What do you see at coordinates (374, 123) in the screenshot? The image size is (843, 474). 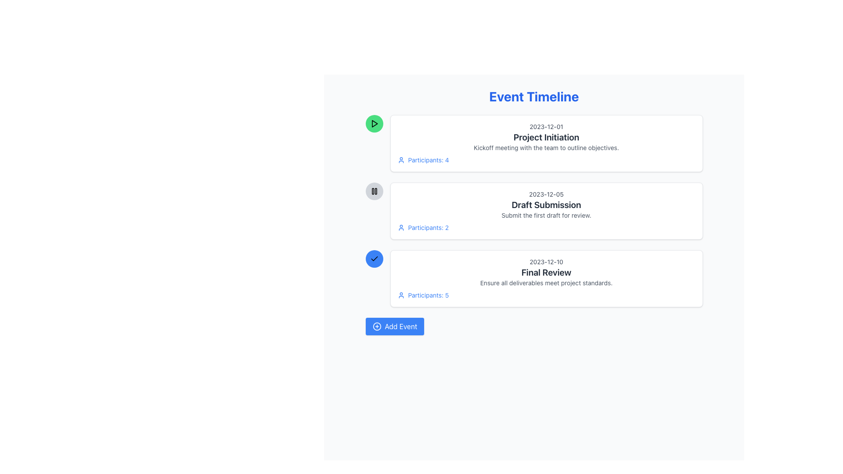 I see `the circular green button with a black play icon to initiate the 'Project Initiation' task` at bounding box center [374, 123].